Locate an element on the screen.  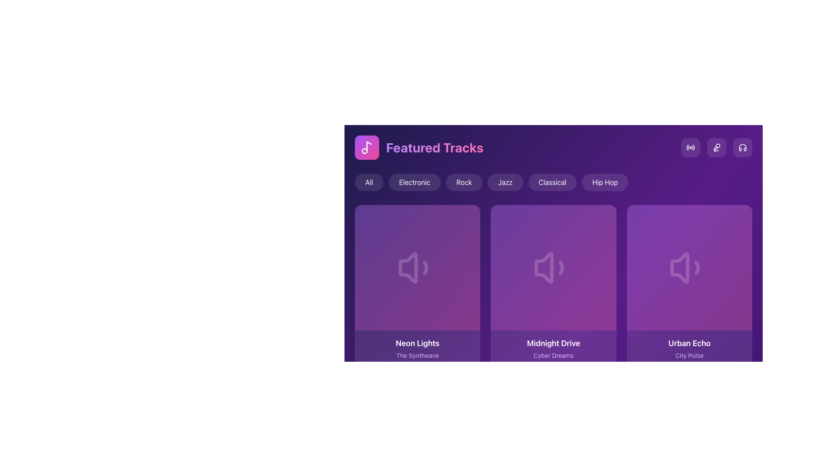
the pill-shaped button with a purple background and white text reading 'Rock' is located at coordinates (464, 182).